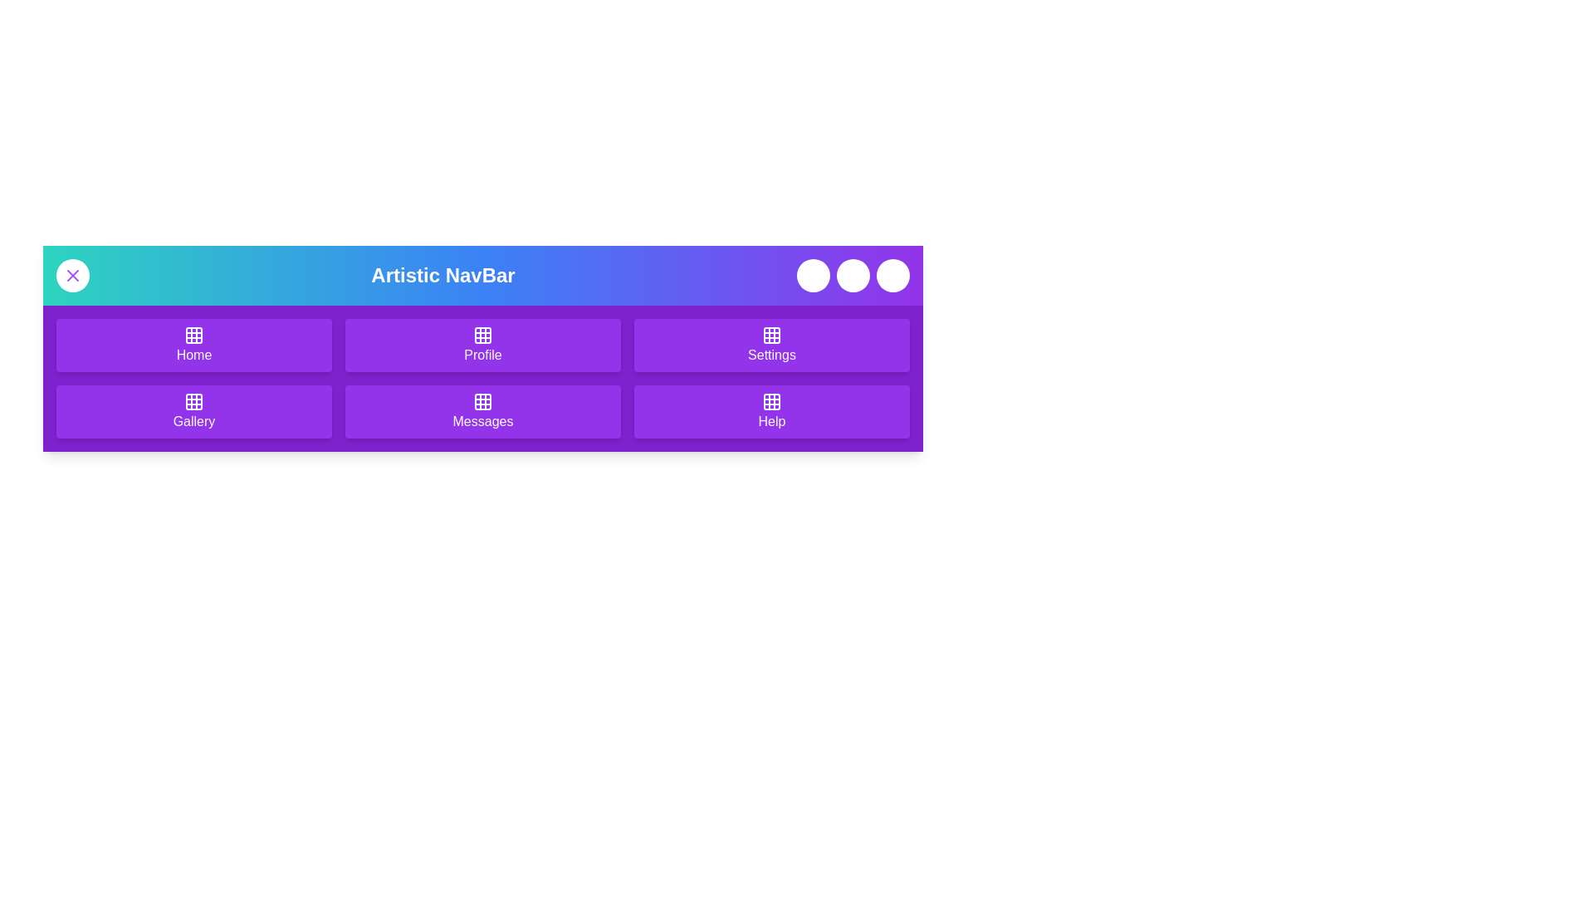  I want to click on the navigation item labeled Help, so click(771, 411).